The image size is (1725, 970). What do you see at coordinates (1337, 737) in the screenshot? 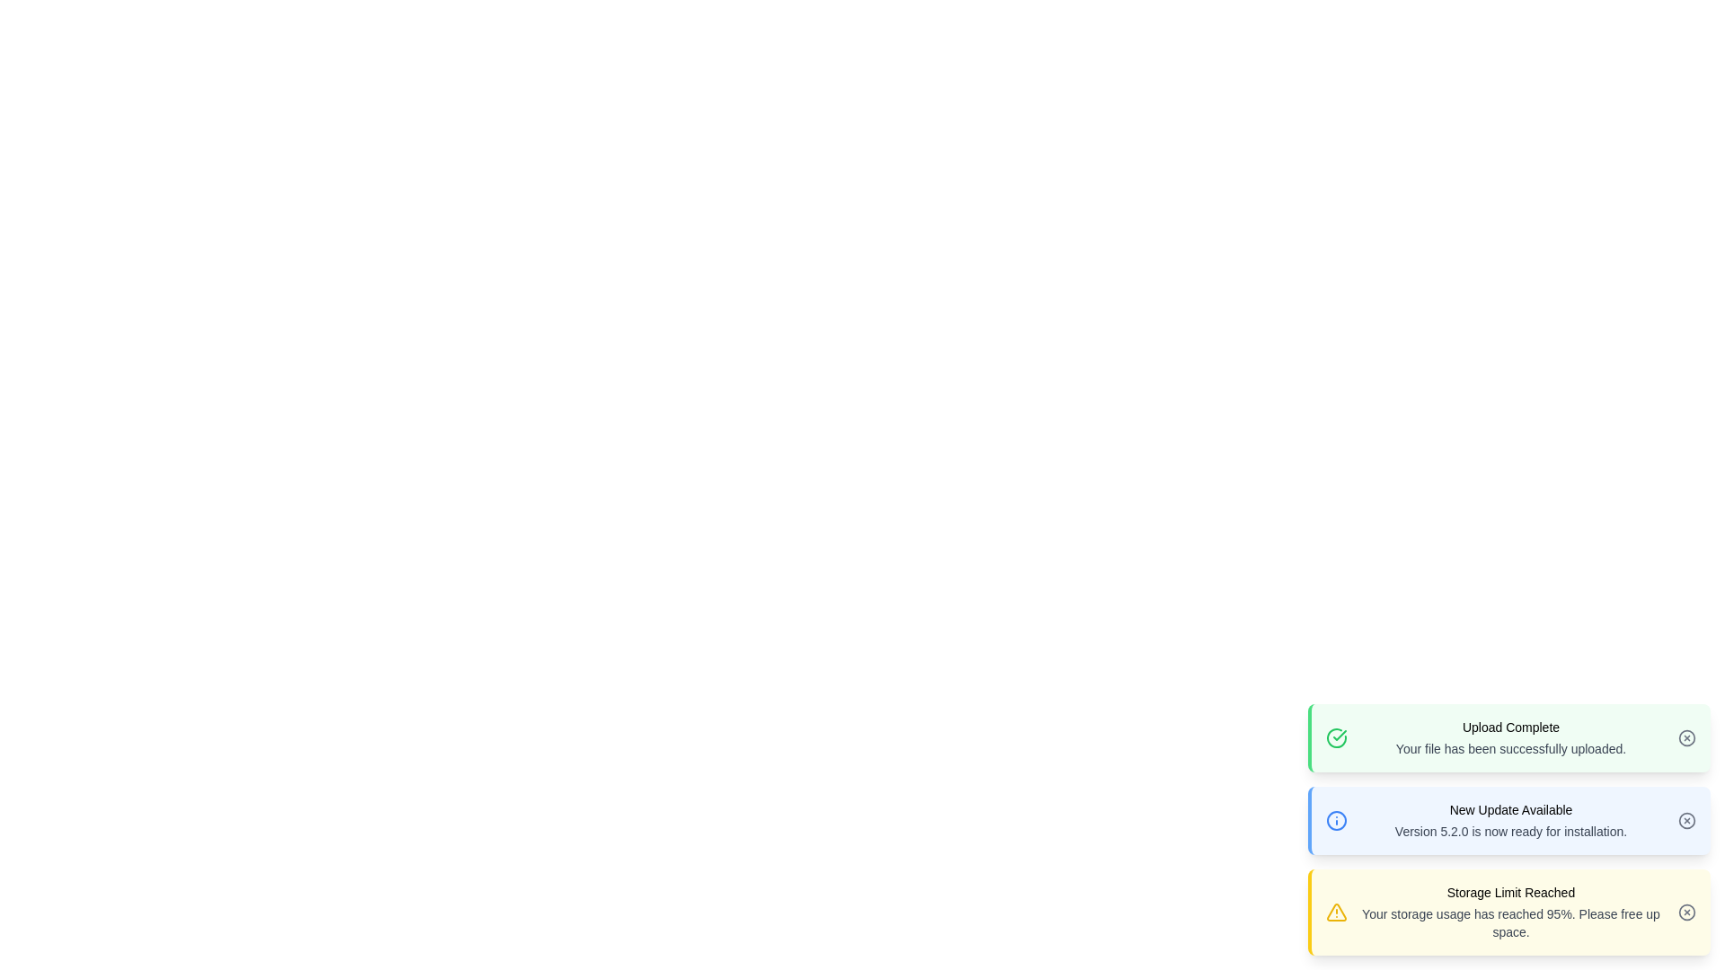
I see `the circular graphic icon with a checkmark located in the topmost notification section, to the left of the 'Upload Complete' message` at bounding box center [1337, 737].